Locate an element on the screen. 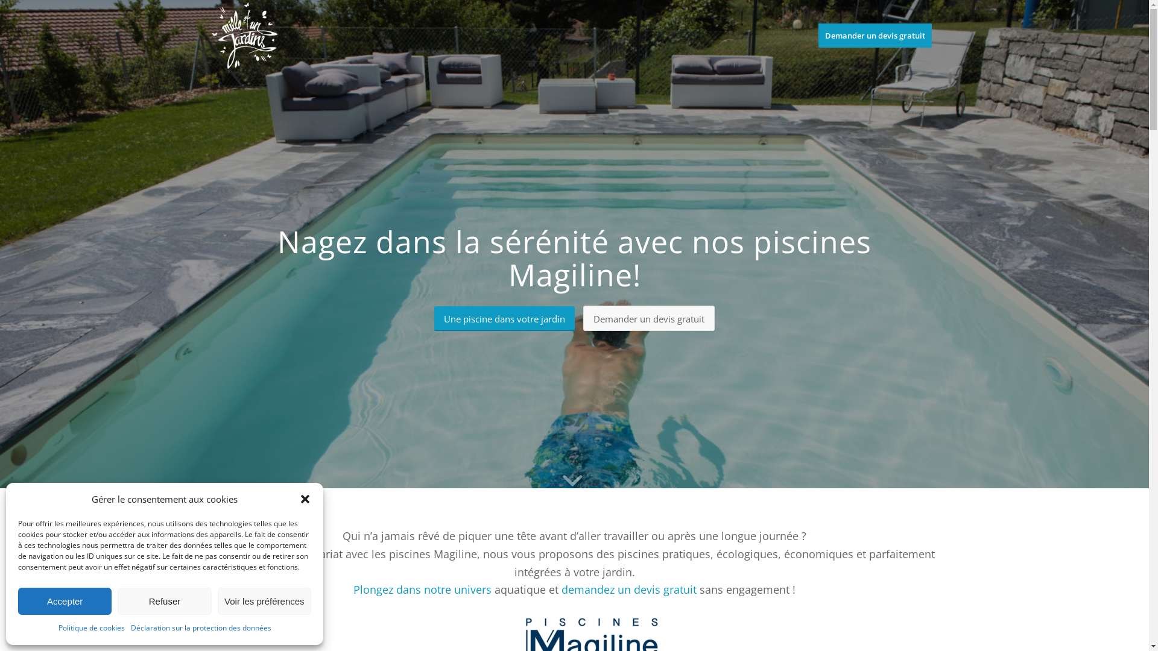  'Refuser' is located at coordinates (163, 601).